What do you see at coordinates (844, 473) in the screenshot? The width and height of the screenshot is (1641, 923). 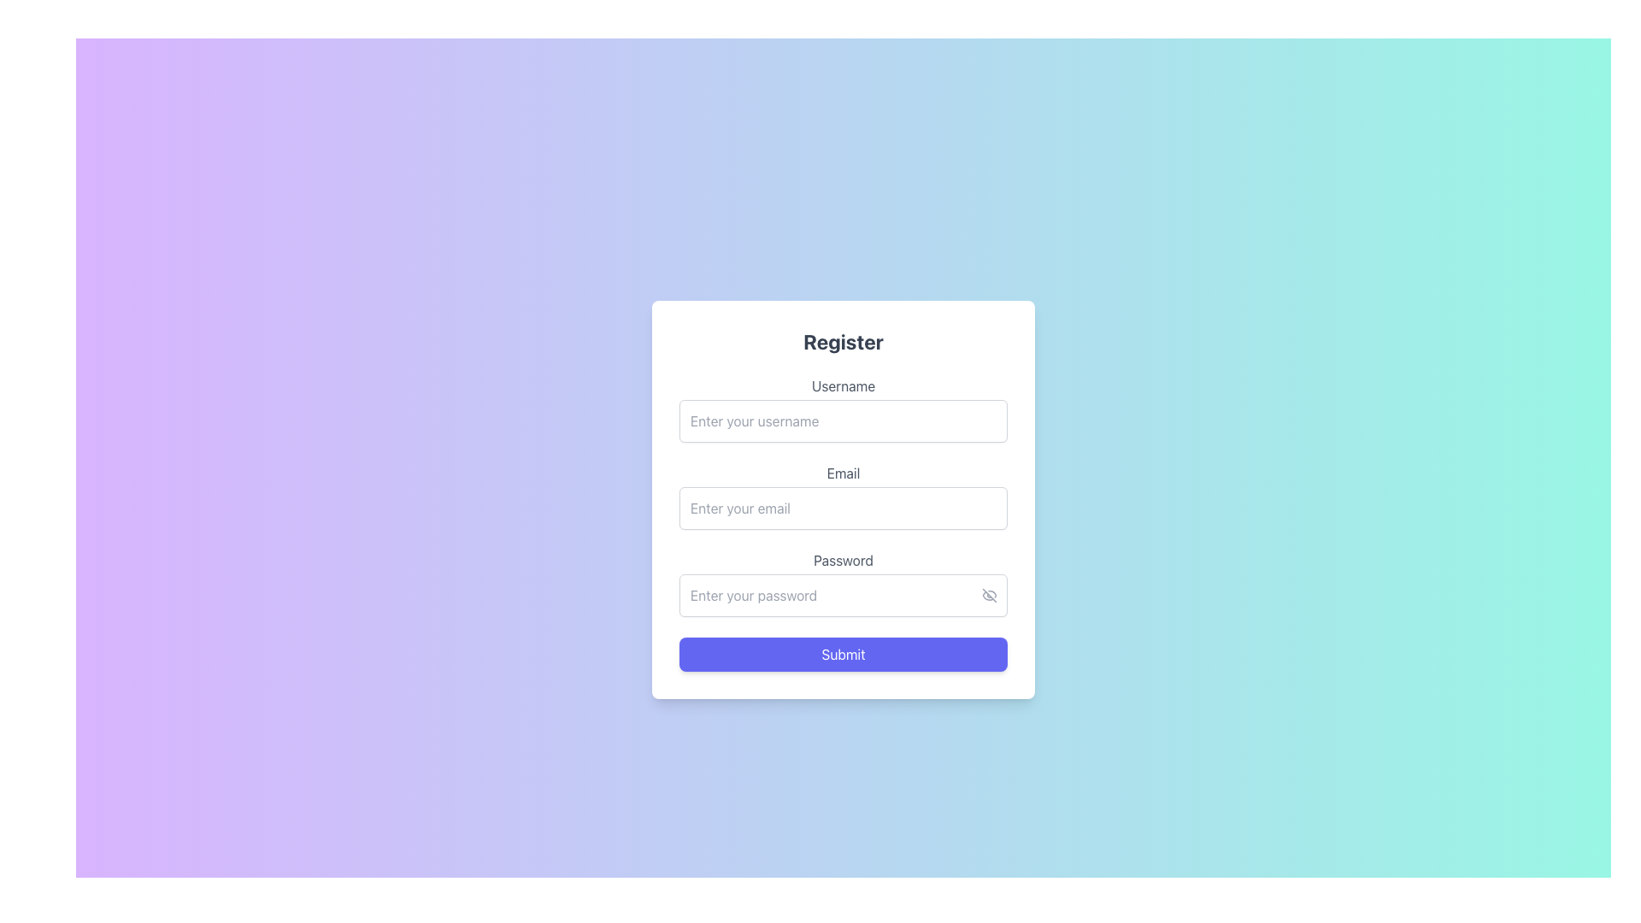 I see `the 'Email' text label displayed in gray above the email input field in the 'Register' form` at bounding box center [844, 473].